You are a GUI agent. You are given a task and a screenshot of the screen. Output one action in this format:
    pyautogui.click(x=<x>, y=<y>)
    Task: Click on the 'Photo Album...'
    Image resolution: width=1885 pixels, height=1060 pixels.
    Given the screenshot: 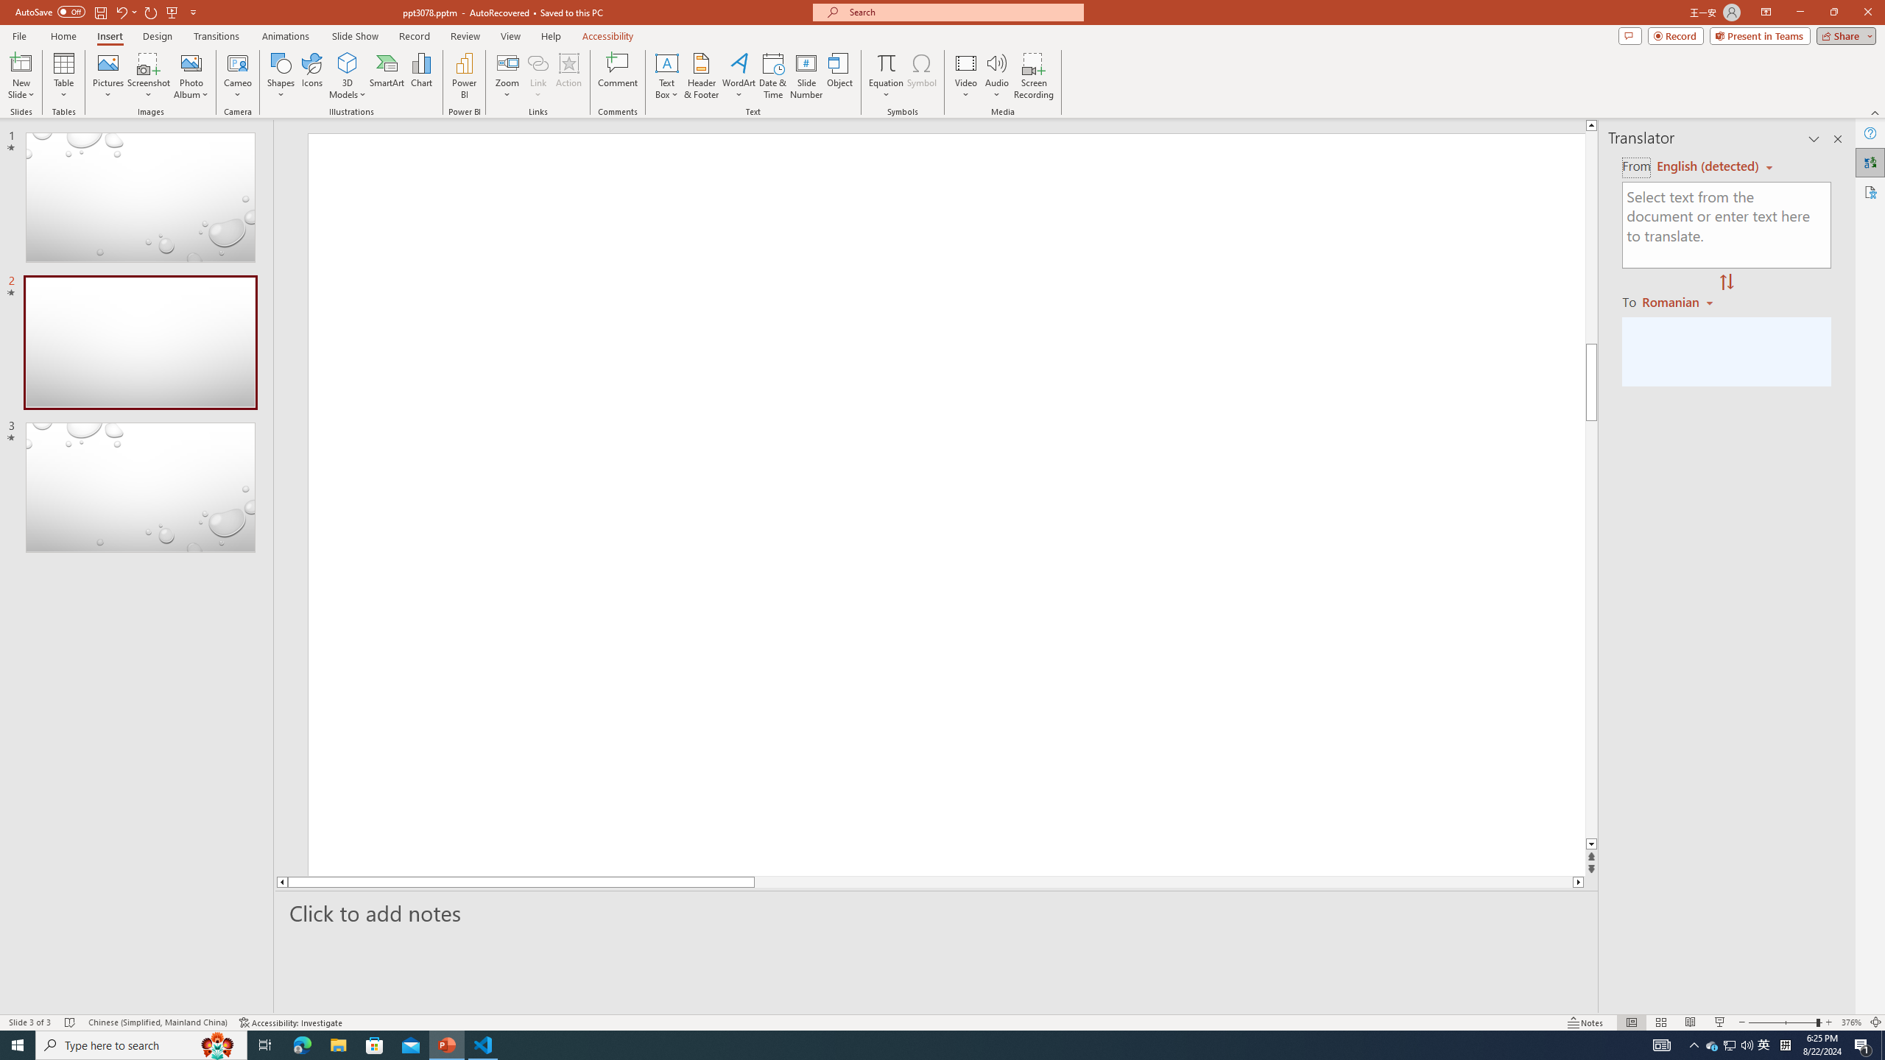 What is the action you would take?
    pyautogui.click(x=190, y=76)
    